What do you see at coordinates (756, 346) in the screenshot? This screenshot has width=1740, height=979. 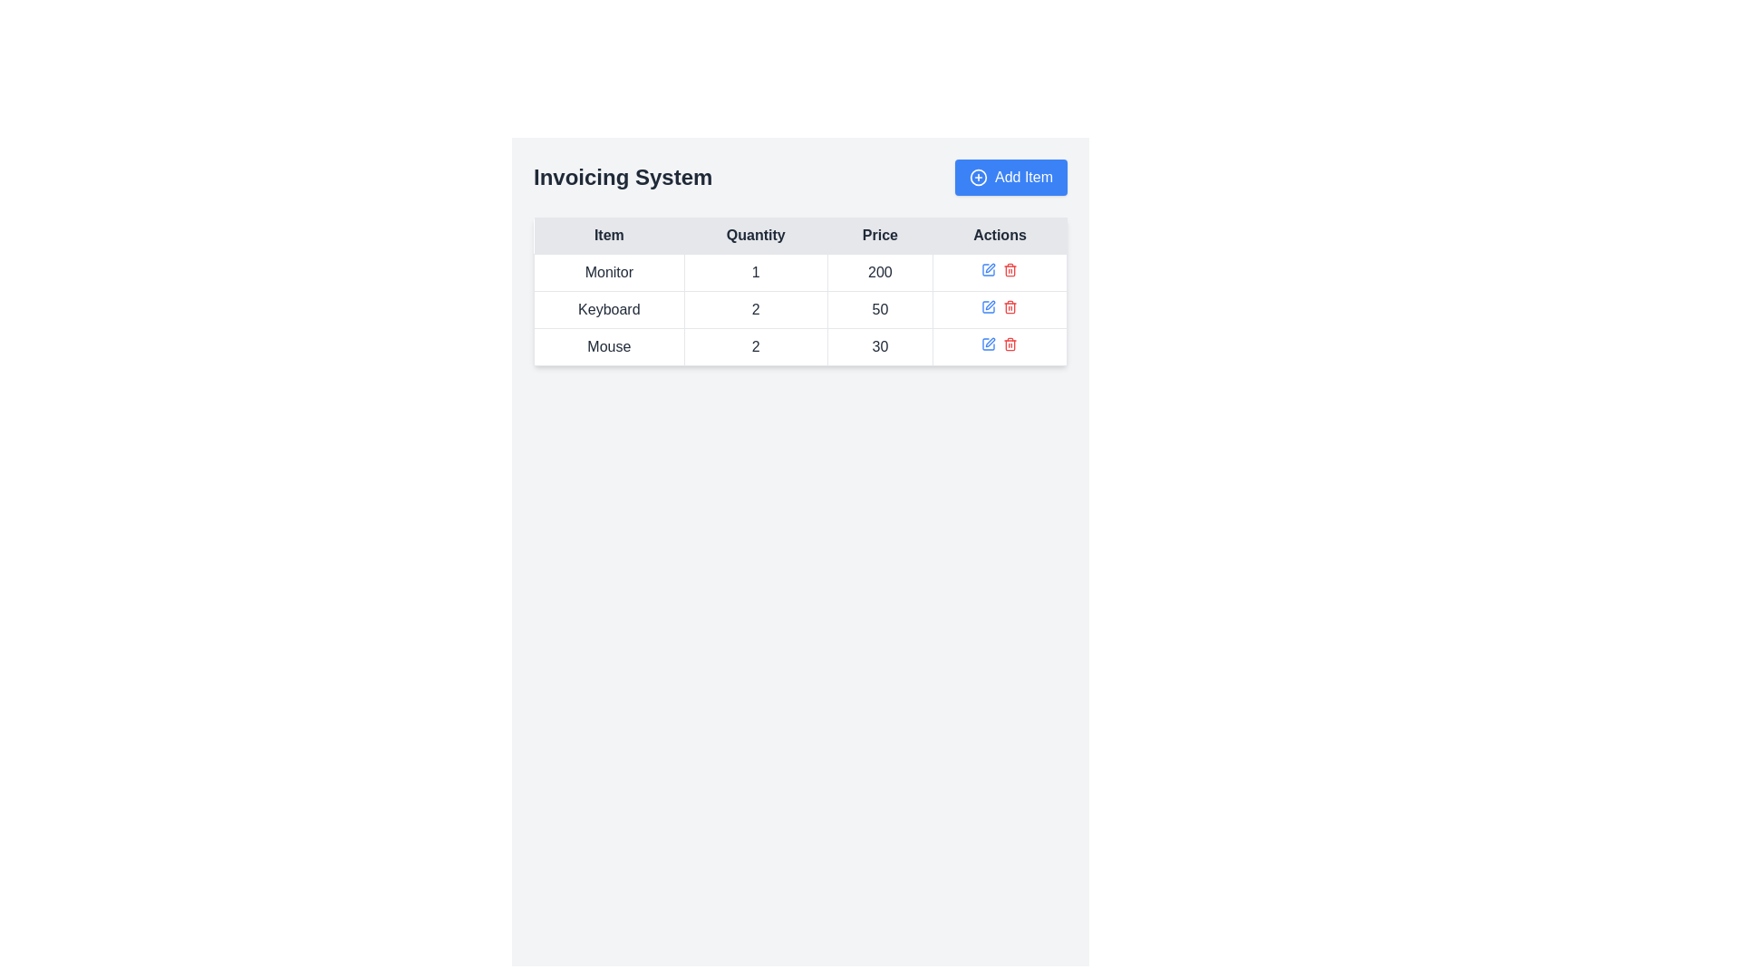 I see `the Text Label displaying the number '2' in the third row under the 'Quantity' column of the table, which aligns with the 'Mouse' item` at bounding box center [756, 346].